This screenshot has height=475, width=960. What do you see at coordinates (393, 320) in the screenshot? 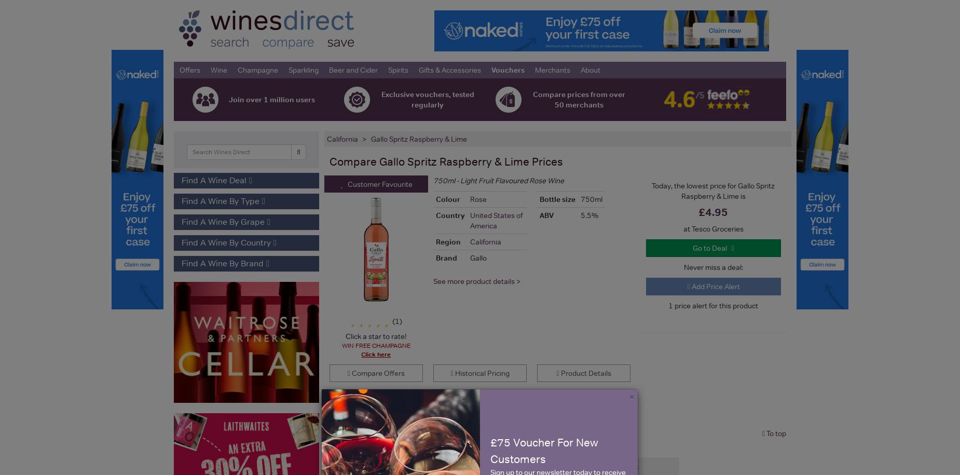
I see `'('` at bounding box center [393, 320].